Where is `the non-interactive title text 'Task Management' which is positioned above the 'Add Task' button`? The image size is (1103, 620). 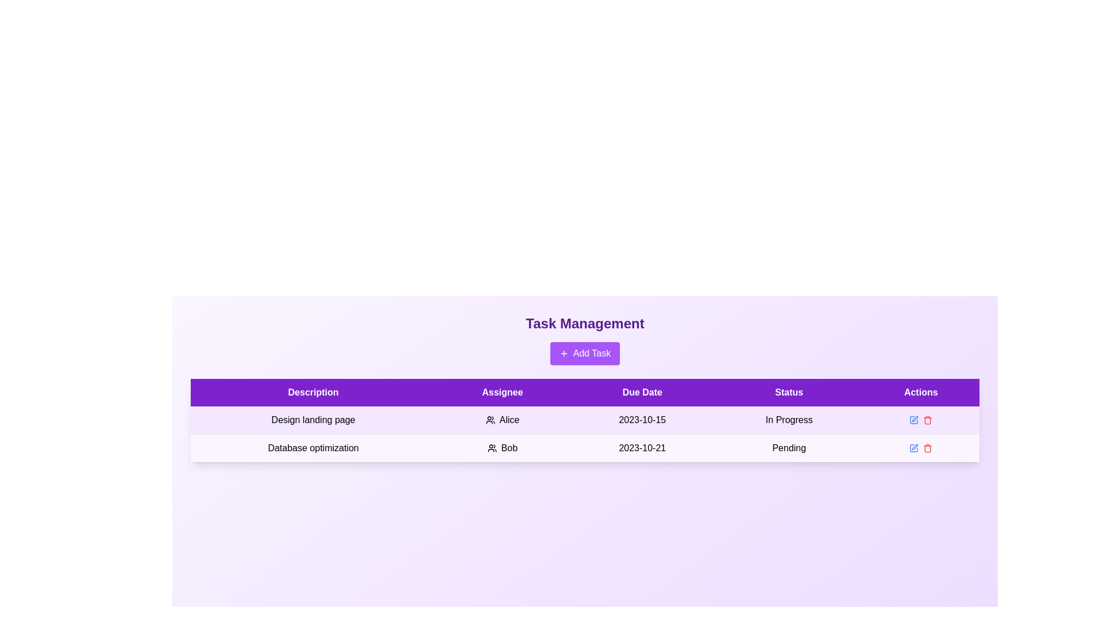
the non-interactive title text 'Task Management' which is positioned above the 'Add Task' button is located at coordinates (585, 323).